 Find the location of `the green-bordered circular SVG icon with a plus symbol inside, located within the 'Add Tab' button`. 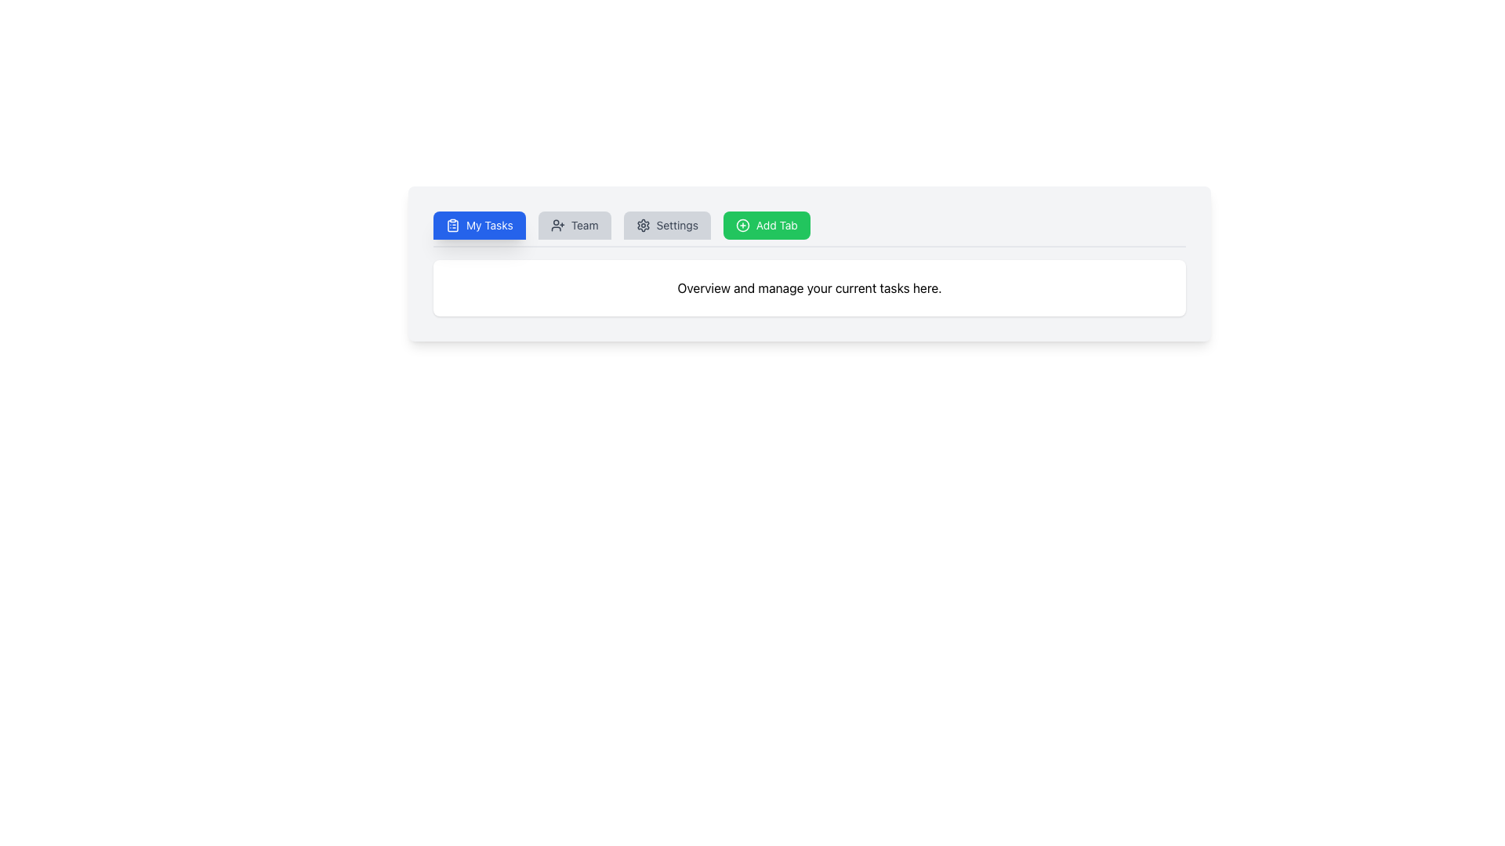

the green-bordered circular SVG icon with a plus symbol inside, located within the 'Add Tab' button is located at coordinates (741, 226).